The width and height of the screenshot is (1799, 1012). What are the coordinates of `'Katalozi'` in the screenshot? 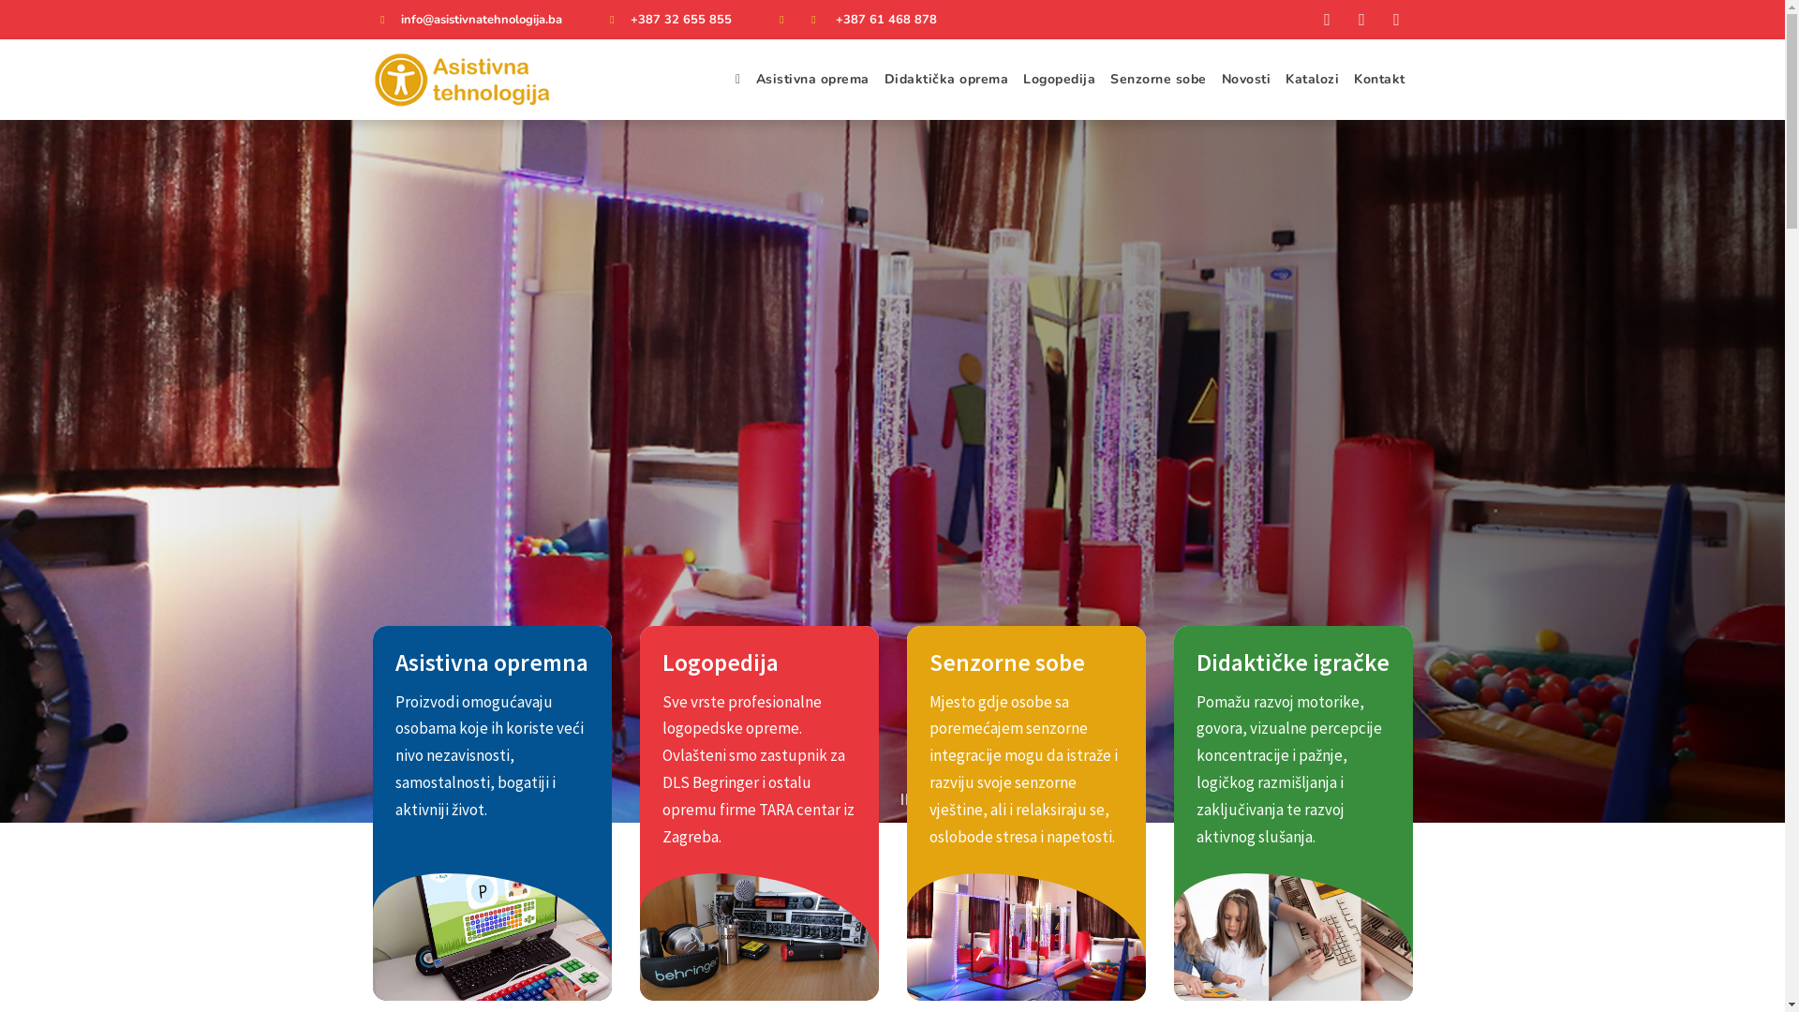 It's located at (1276, 78).